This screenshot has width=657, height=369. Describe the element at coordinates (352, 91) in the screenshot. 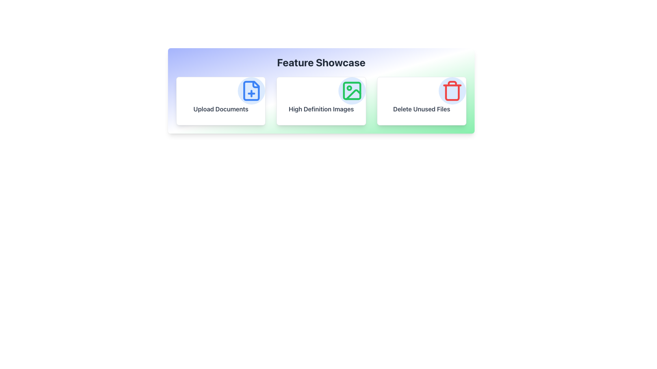

I see `the Decorative Icon located in the top-right corner of the 'High Definition Images' card, positioned above the text label and near the card's border` at that location.